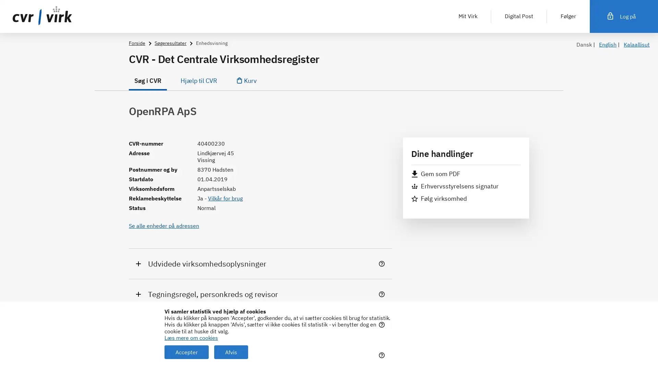 This screenshot has height=370, width=658. What do you see at coordinates (260, 294) in the screenshot?
I see `Tegningsregel, personkreds og revisor` at bounding box center [260, 294].